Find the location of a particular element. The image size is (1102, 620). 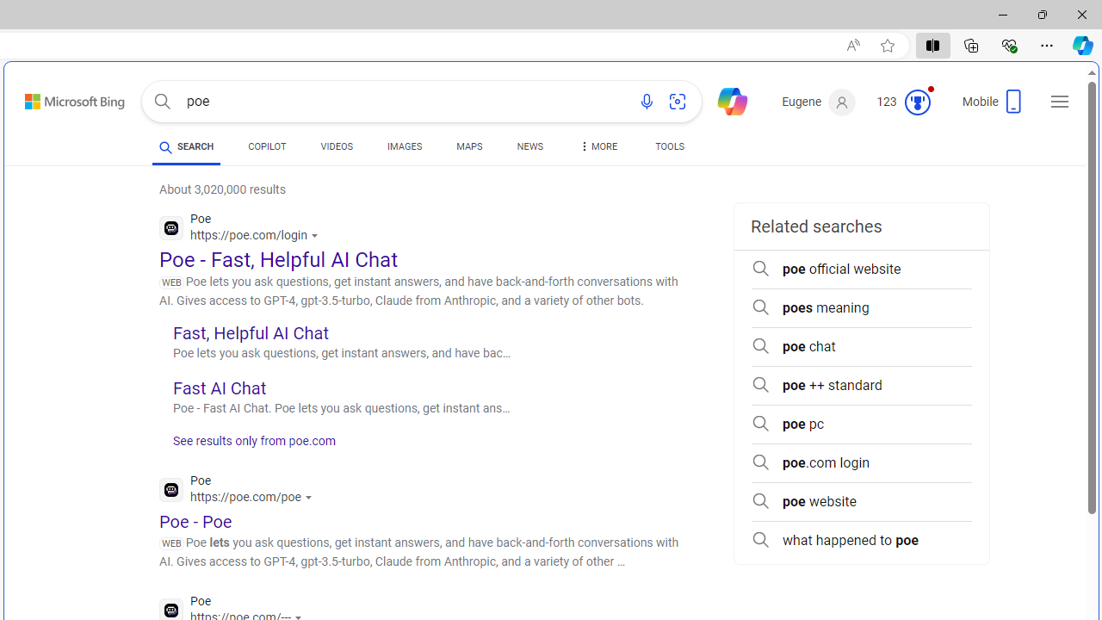

'Skip to content' is located at coordinates (56, 96).